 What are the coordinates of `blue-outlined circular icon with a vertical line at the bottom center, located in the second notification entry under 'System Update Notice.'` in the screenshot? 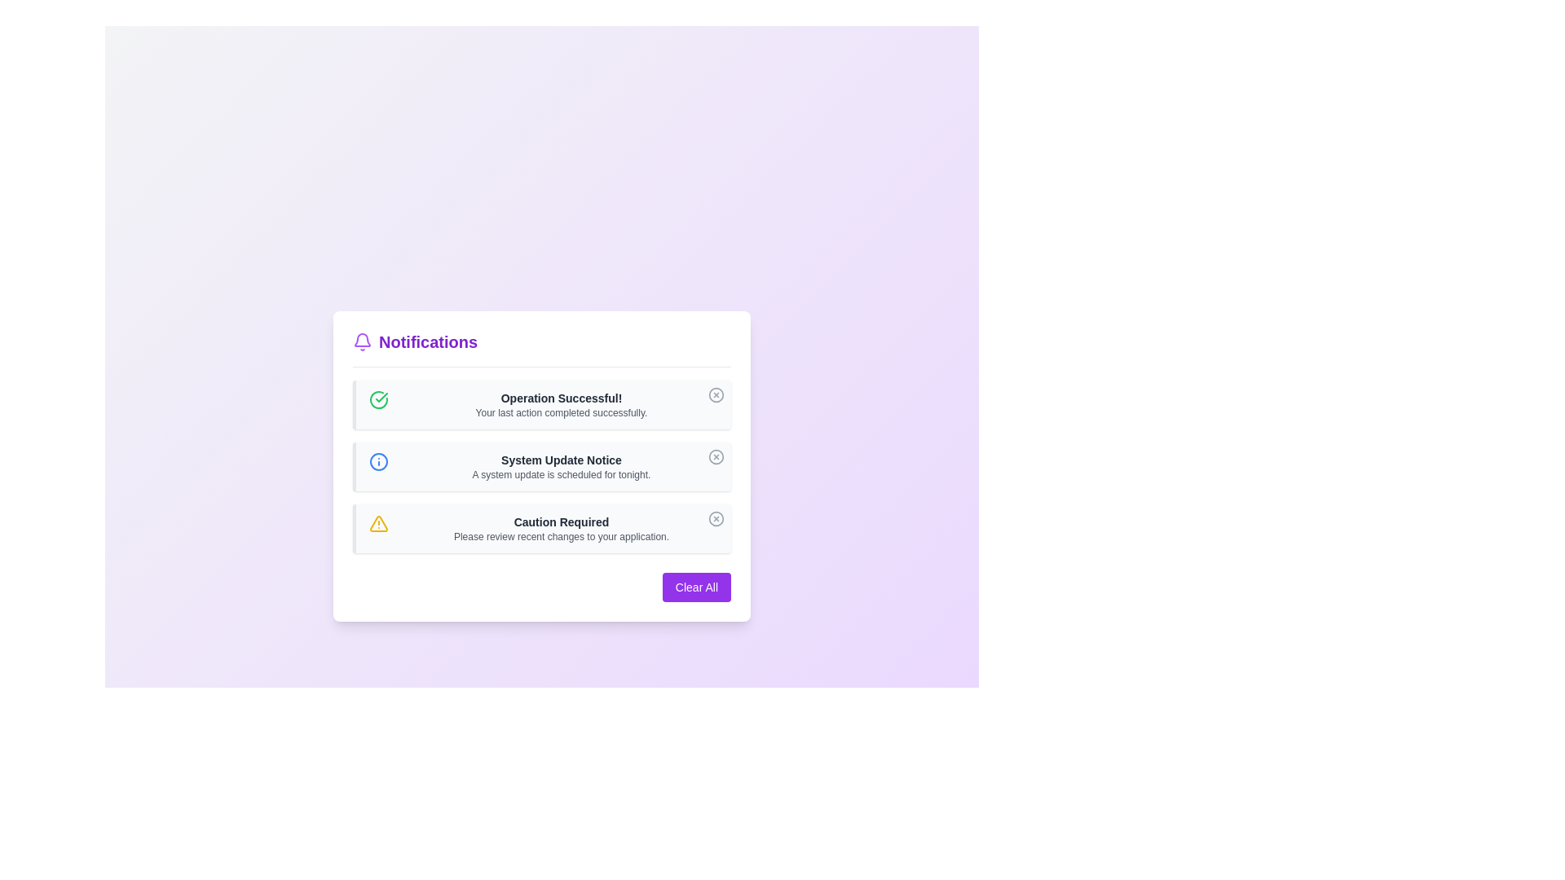 It's located at (378, 461).